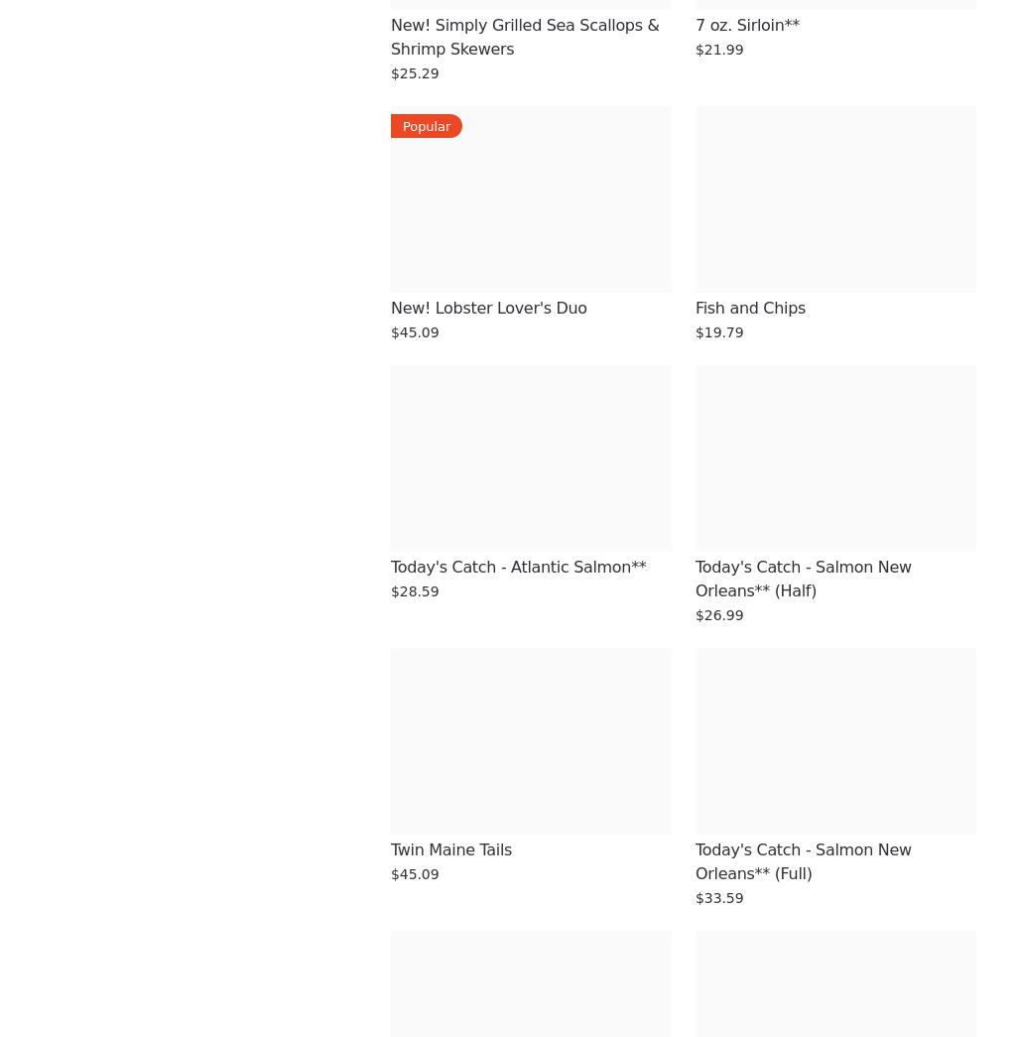  I want to click on '$21.99', so click(718, 48).